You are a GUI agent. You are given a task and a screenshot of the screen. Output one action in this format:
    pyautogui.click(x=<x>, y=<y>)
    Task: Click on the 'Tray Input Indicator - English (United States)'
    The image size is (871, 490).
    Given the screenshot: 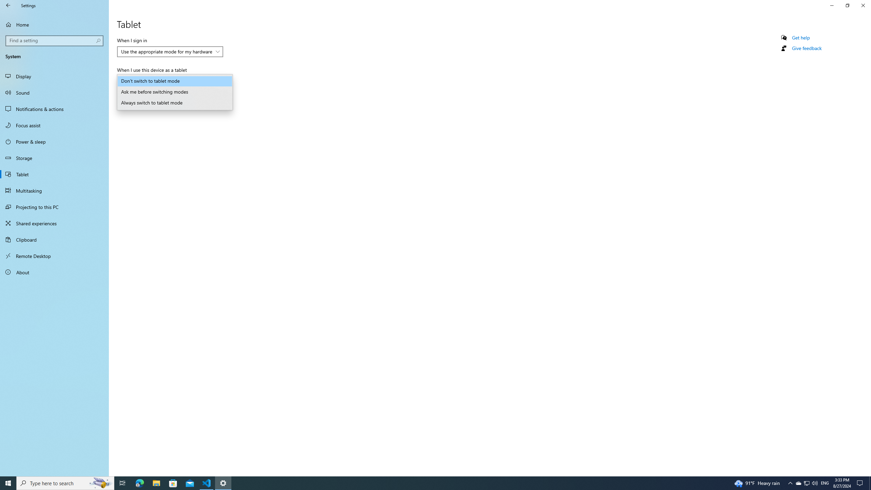 What is the action you would take?
    pyautogui.click(x=825, y=483)
    